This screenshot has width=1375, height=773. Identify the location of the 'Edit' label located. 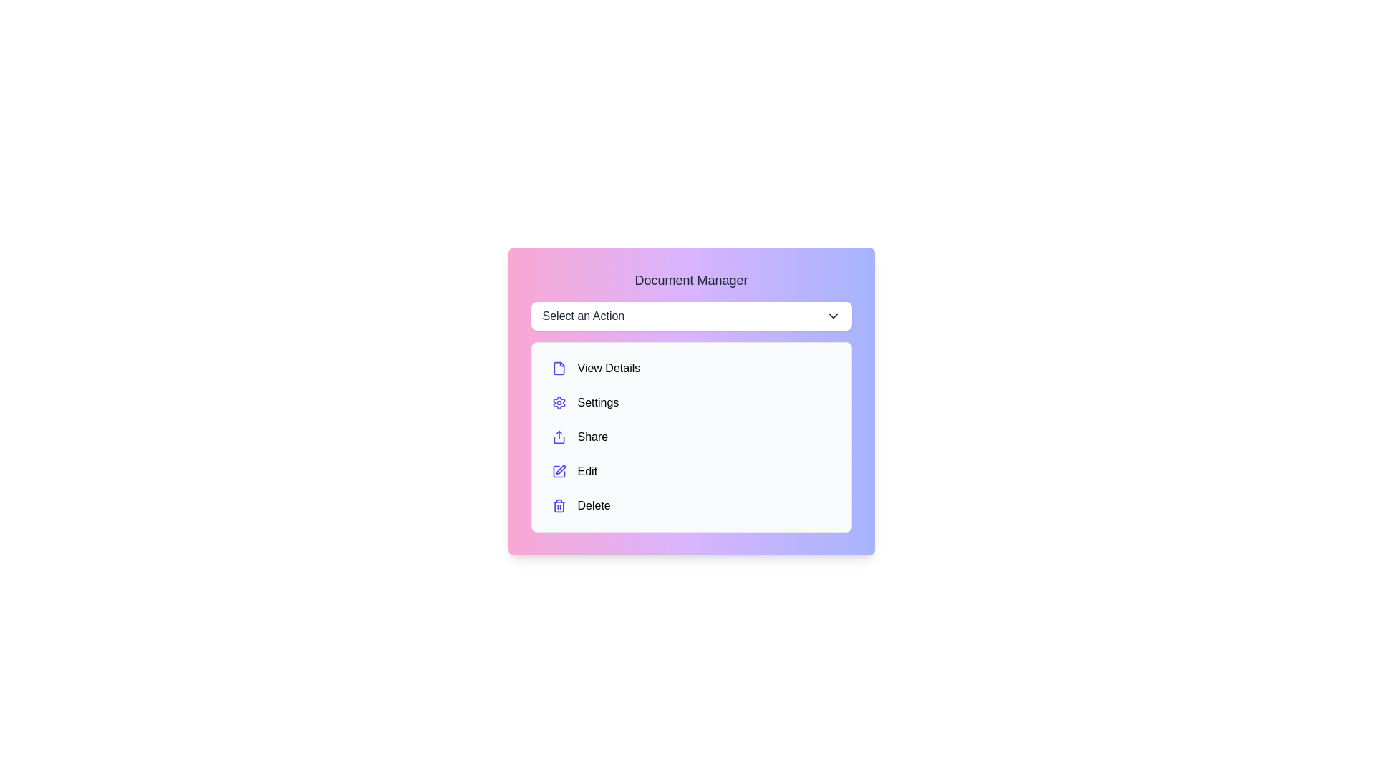
(587, 472).